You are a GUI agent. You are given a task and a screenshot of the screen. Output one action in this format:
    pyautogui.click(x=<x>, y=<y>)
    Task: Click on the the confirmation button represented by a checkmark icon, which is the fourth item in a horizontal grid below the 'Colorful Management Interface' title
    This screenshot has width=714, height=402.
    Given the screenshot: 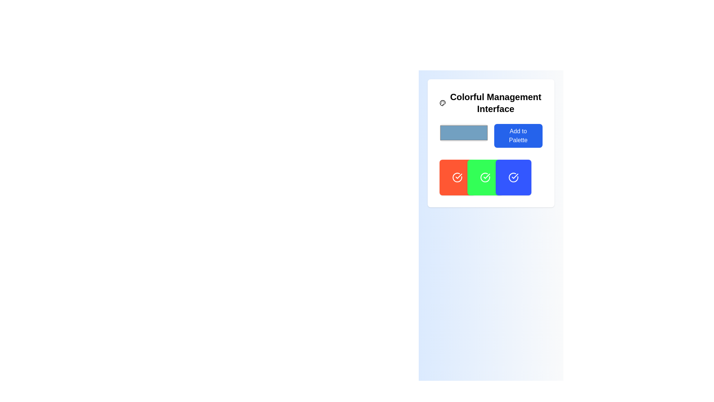 What is the action you would take?
    pyautogui.click(x=513, y=178)
    